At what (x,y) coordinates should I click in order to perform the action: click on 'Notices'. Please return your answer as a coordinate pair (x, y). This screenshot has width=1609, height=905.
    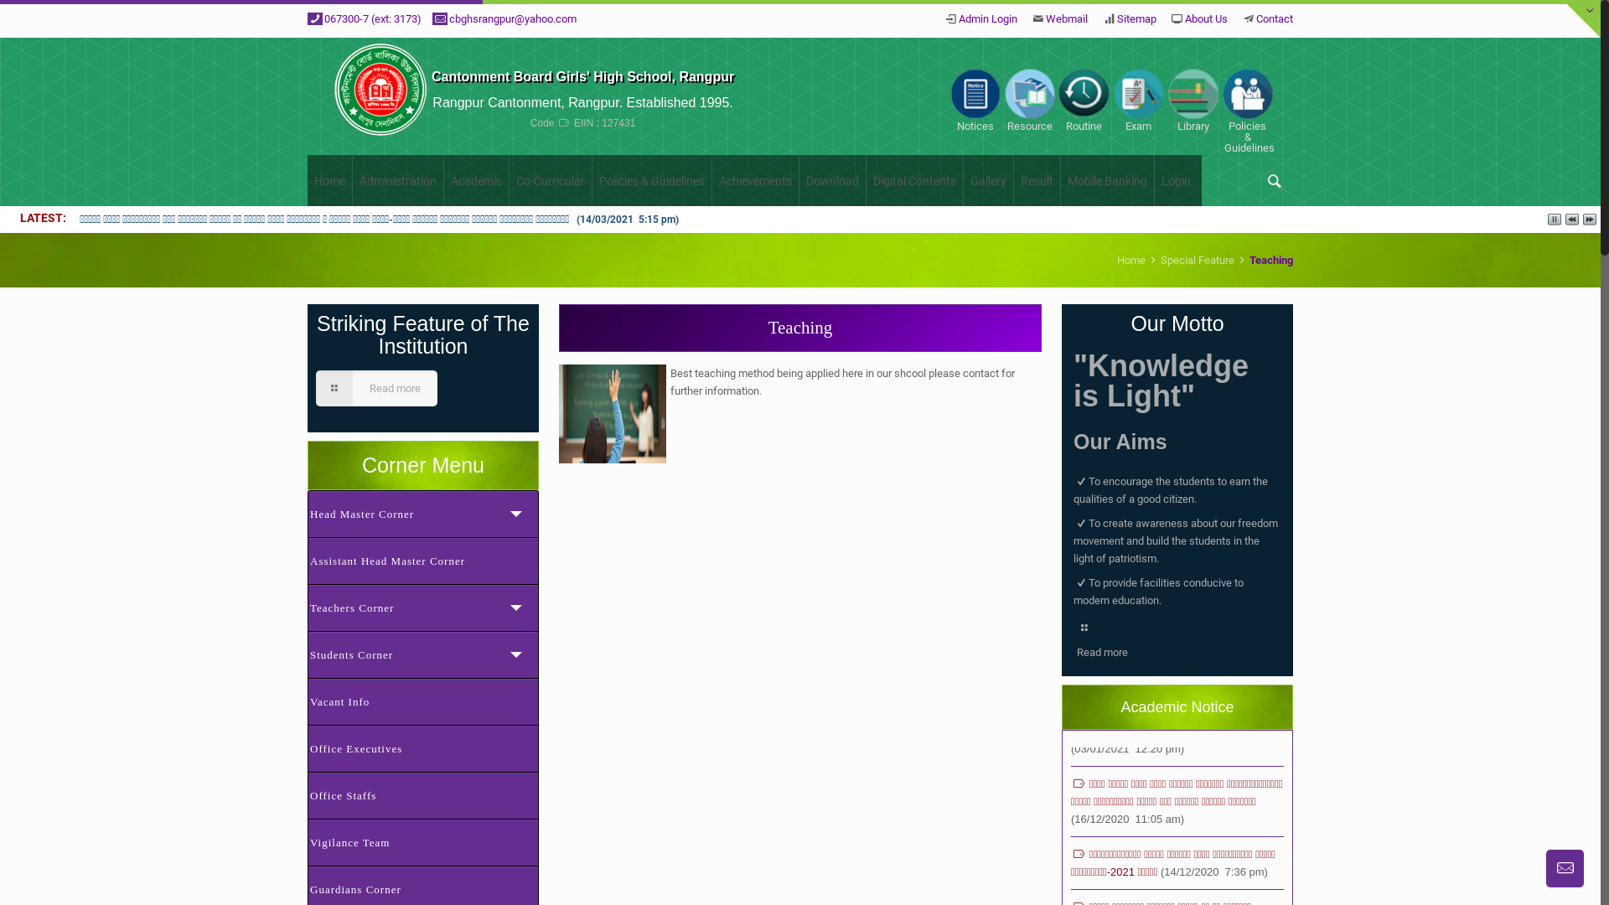
    Looking at the image, I should click on (975, 100).